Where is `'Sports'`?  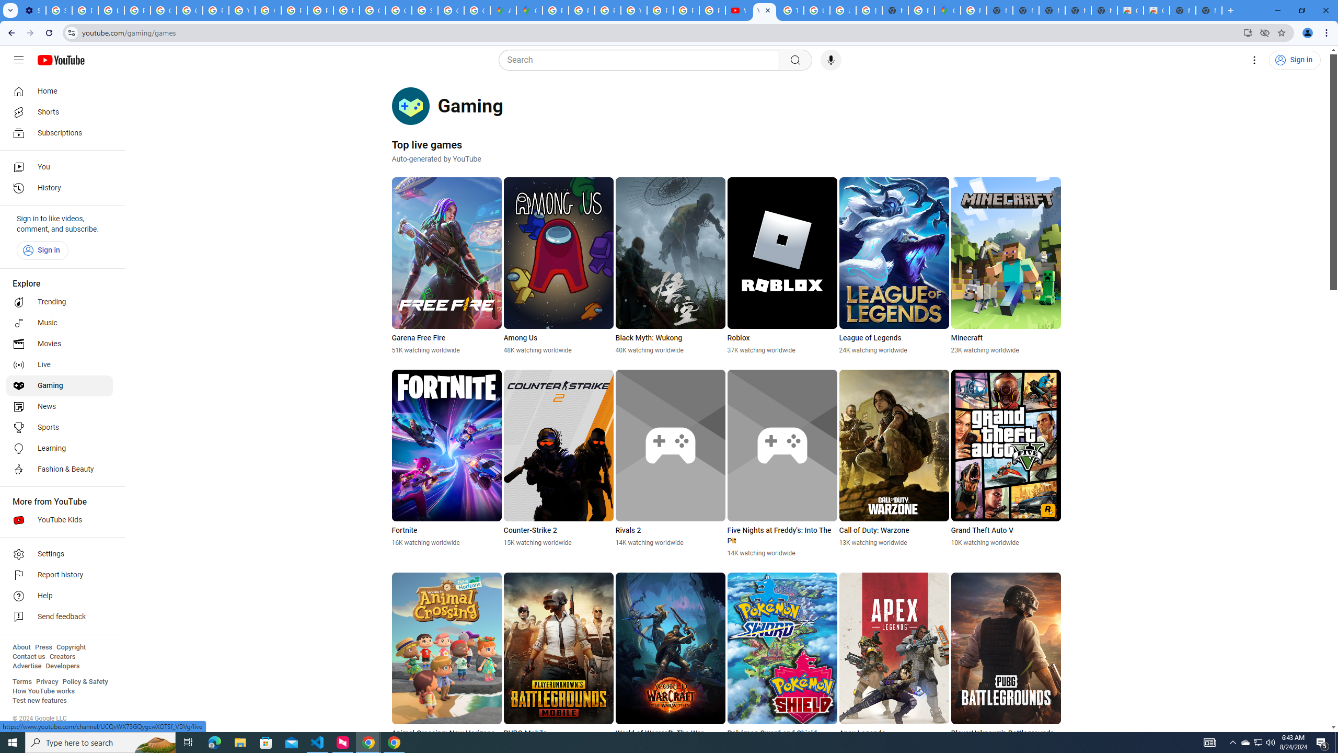
'Sports' is located at coordinates (59, 427).